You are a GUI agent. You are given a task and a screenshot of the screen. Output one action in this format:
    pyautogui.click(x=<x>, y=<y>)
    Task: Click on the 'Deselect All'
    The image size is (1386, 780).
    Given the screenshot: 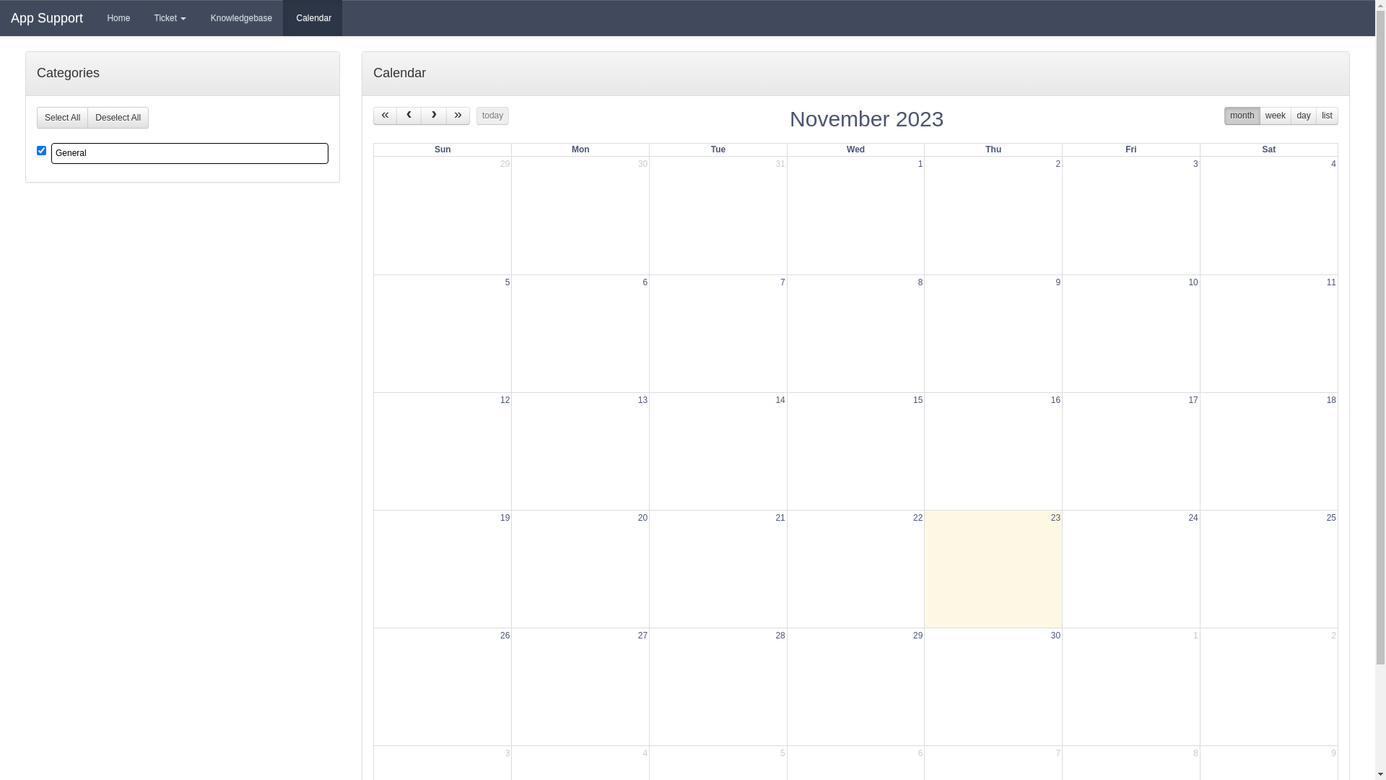 What is the action you would take?
    pyautogui.click(x=118, y=116)
    